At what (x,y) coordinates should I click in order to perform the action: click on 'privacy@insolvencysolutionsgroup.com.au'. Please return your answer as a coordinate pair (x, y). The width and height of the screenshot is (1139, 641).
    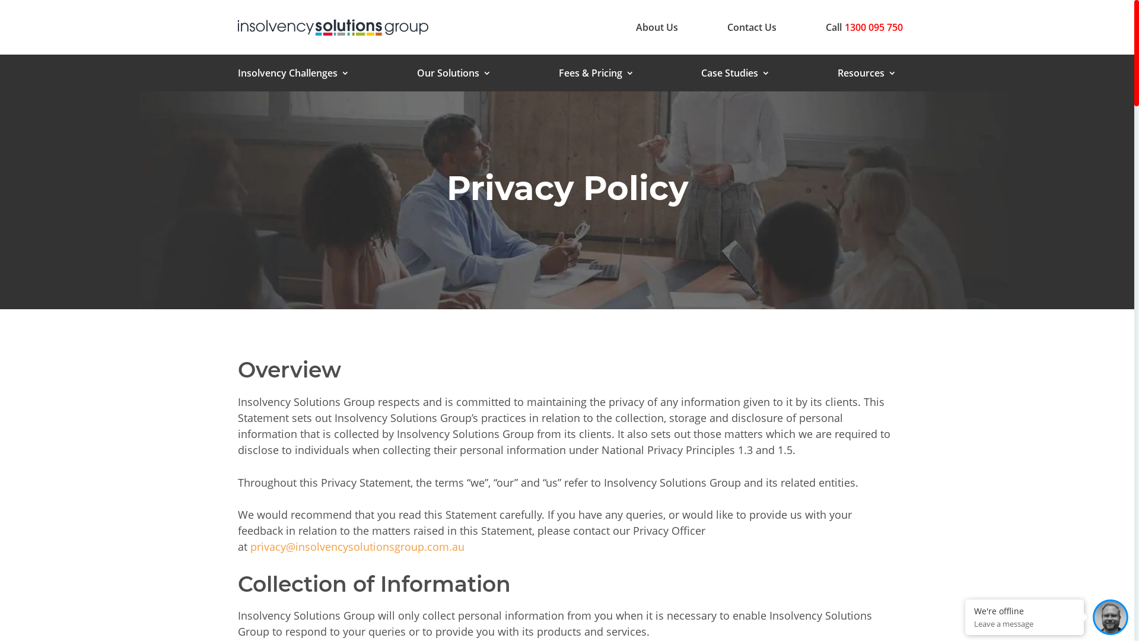
    Looking at the image, I should click on (357, 547).